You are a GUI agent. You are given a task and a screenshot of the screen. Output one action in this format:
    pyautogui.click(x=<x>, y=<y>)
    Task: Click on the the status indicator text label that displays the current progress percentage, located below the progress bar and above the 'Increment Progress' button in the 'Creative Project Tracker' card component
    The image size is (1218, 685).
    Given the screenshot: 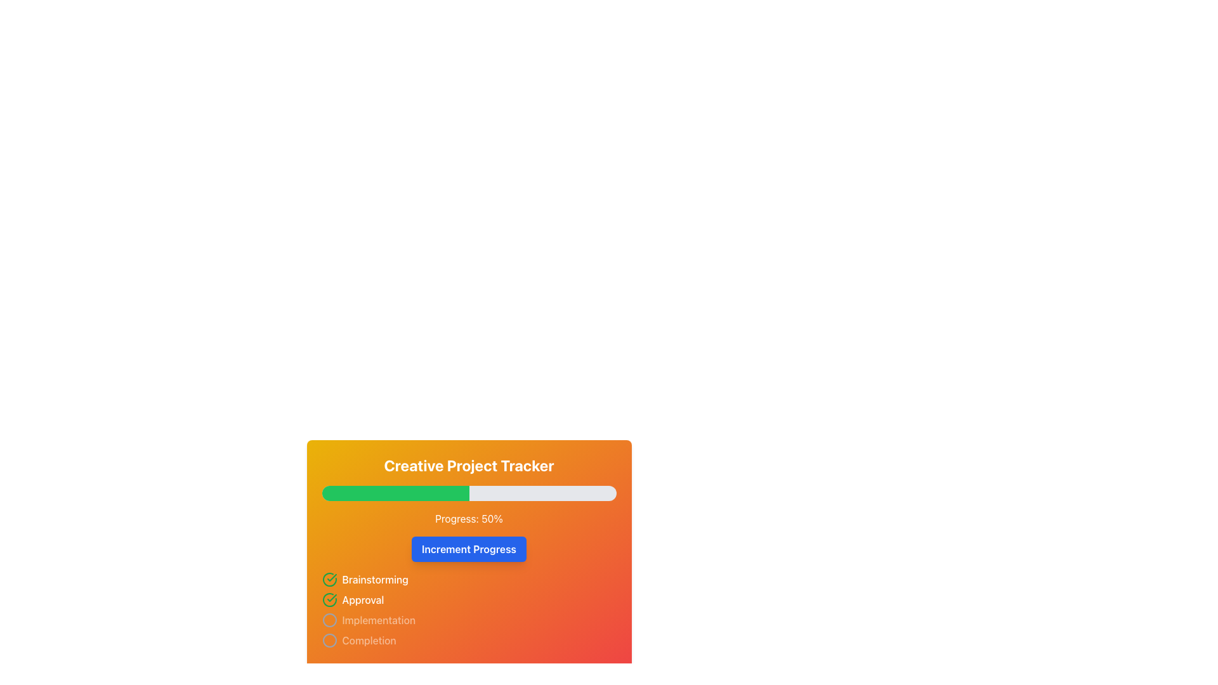 What is the action you would take?
    pyautogui.click(x=468, y=518)
    